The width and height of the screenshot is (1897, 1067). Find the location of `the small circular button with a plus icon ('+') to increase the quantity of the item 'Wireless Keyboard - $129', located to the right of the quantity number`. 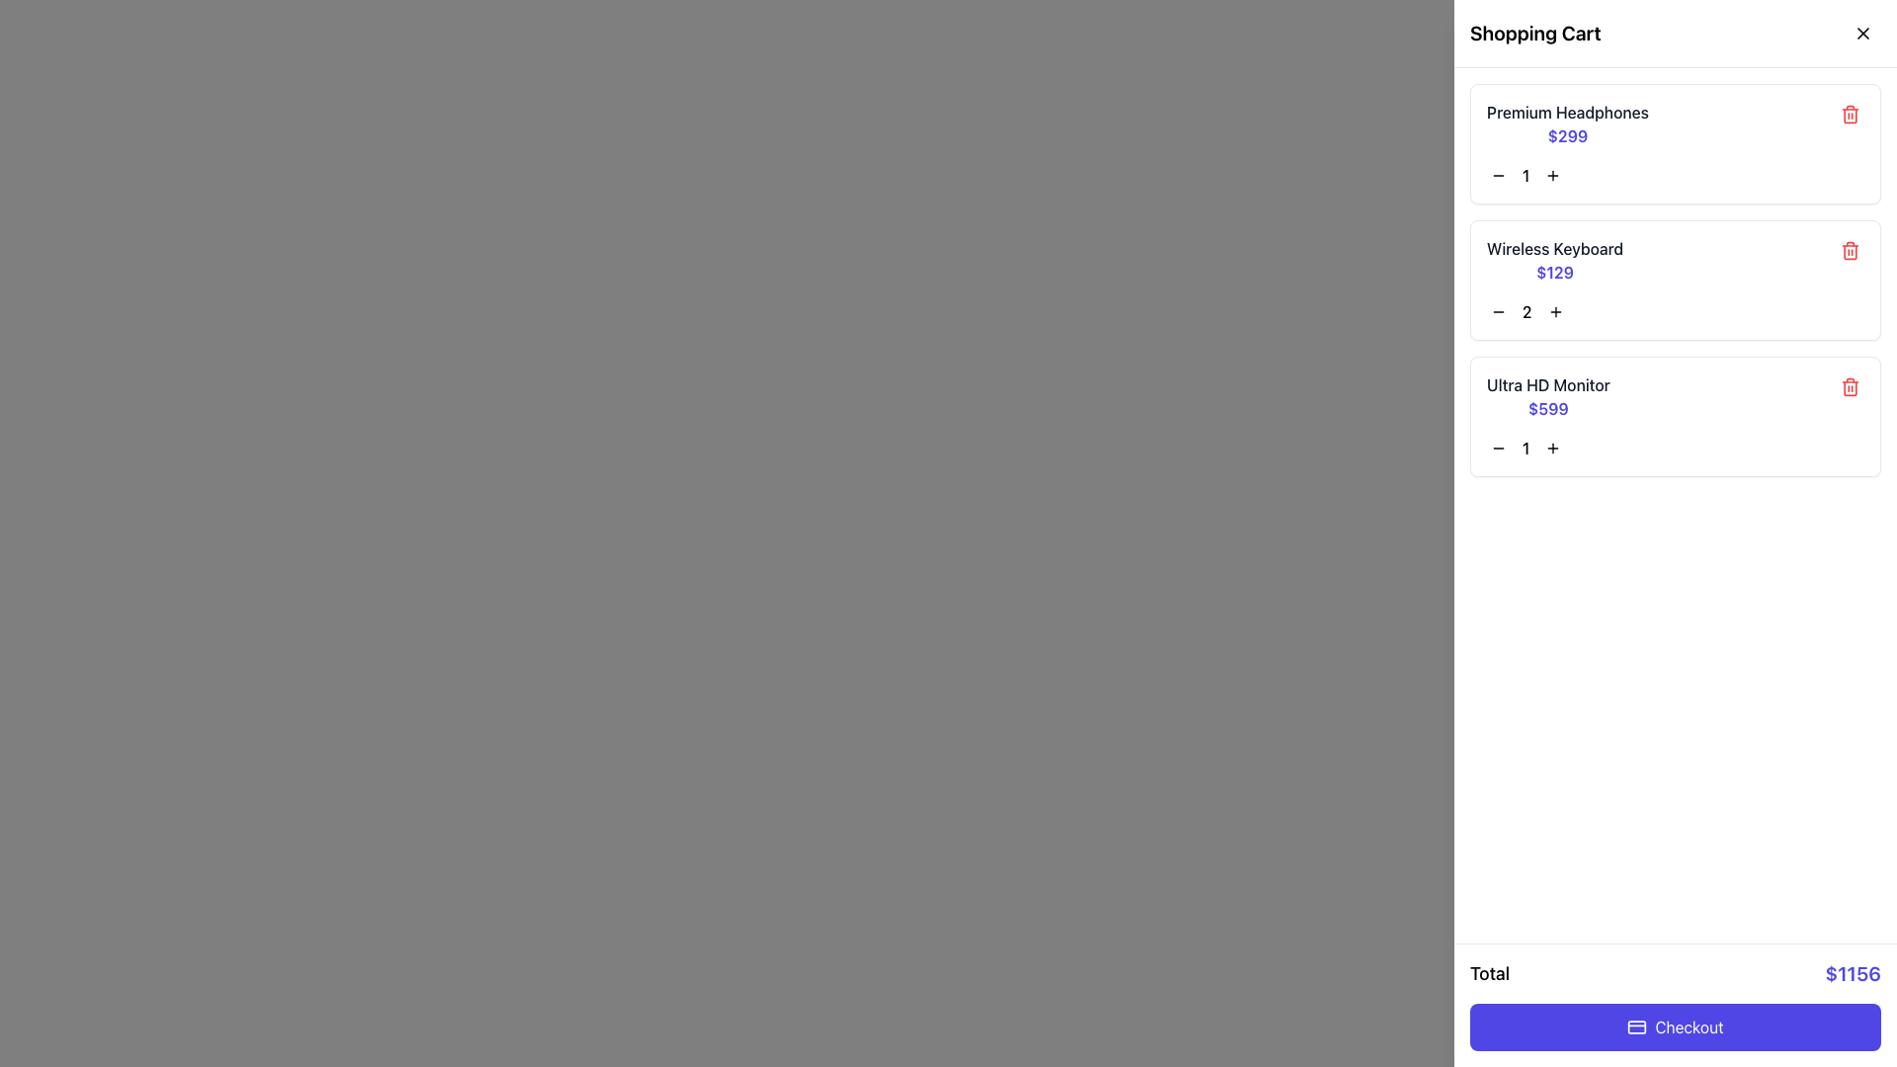

the small circular button with a plus icon ('+') to increase the quantity of the item 'Wireless Keyboard - $129', located to the right of the quantity number is located at coordinates (1554, 311).